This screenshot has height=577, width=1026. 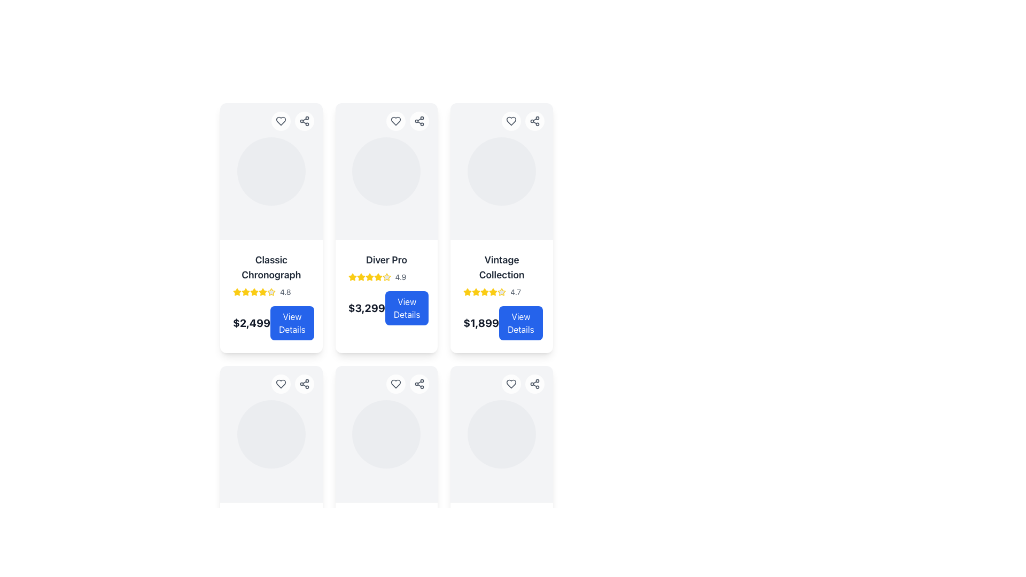 I want to click on the third yellow star icon in the rating display of the 'Vintage Collection' card, which is positioned above the price text '$1,899', so click(x=476, y=292).